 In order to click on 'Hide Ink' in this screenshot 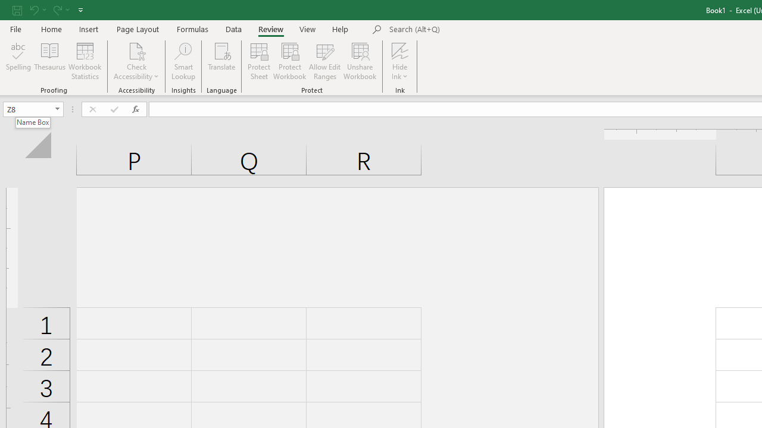, I will do `click(400, 61)`.